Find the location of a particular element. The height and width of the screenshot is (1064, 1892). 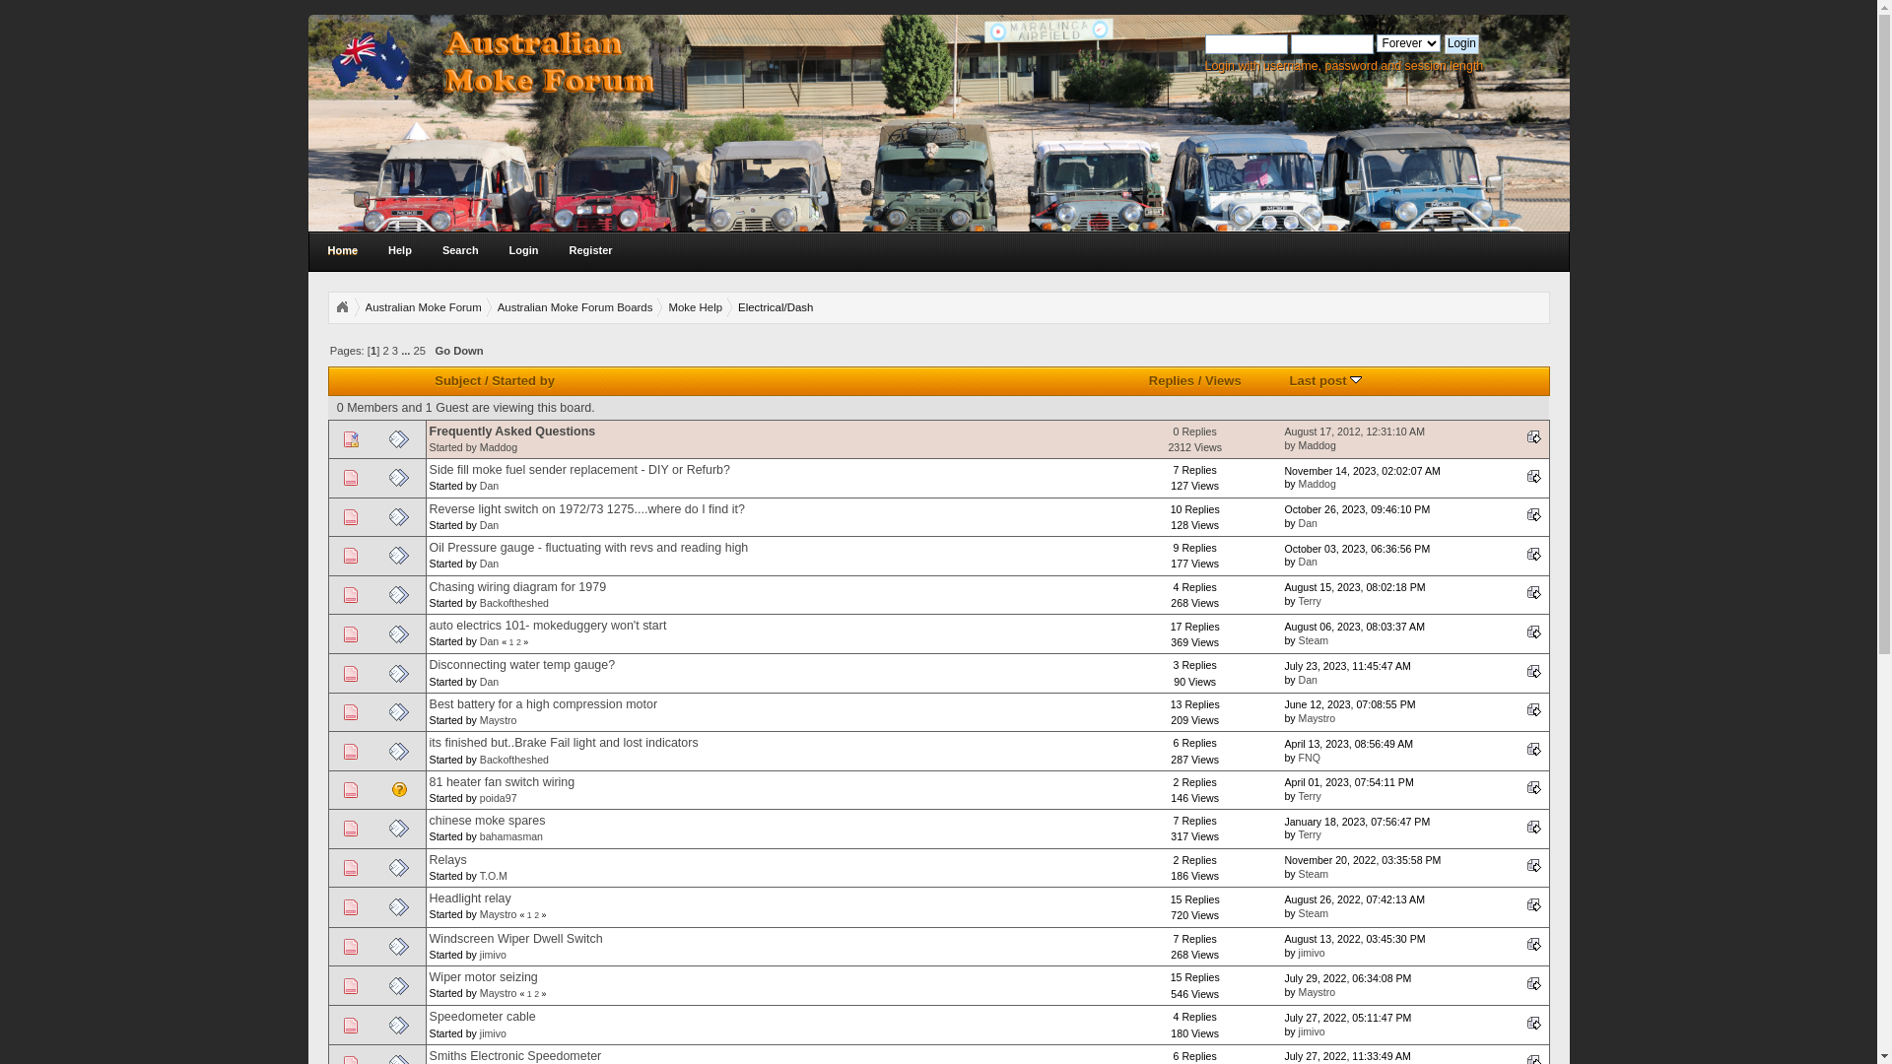

'Subject' is located at coordinates (456, 380).